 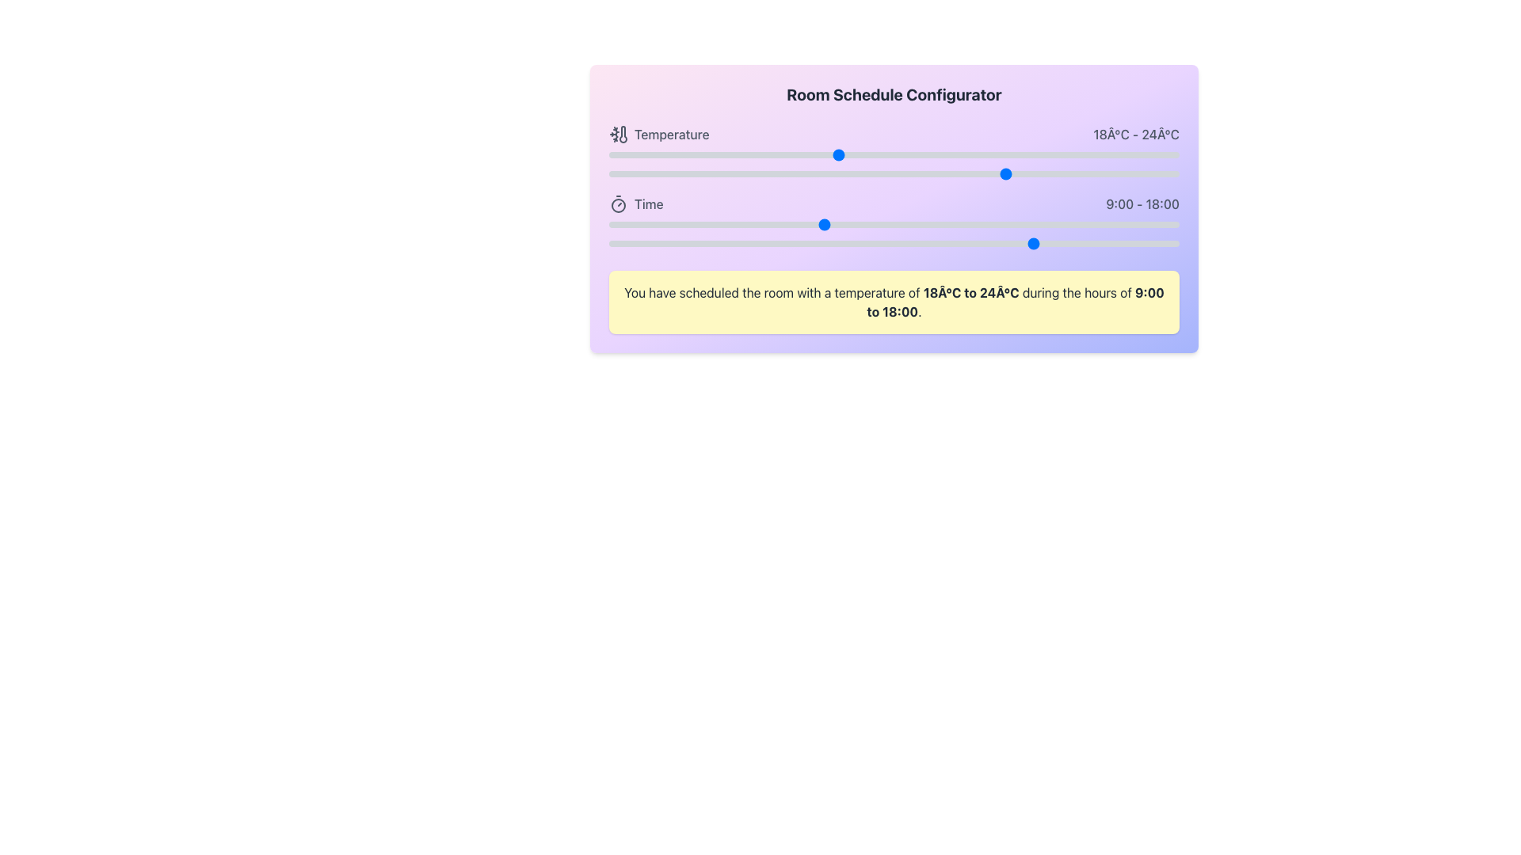 What do you see at coordinates (780, 173) in the screenshot?
I see `the slider value` at bounding box center [780, 173].